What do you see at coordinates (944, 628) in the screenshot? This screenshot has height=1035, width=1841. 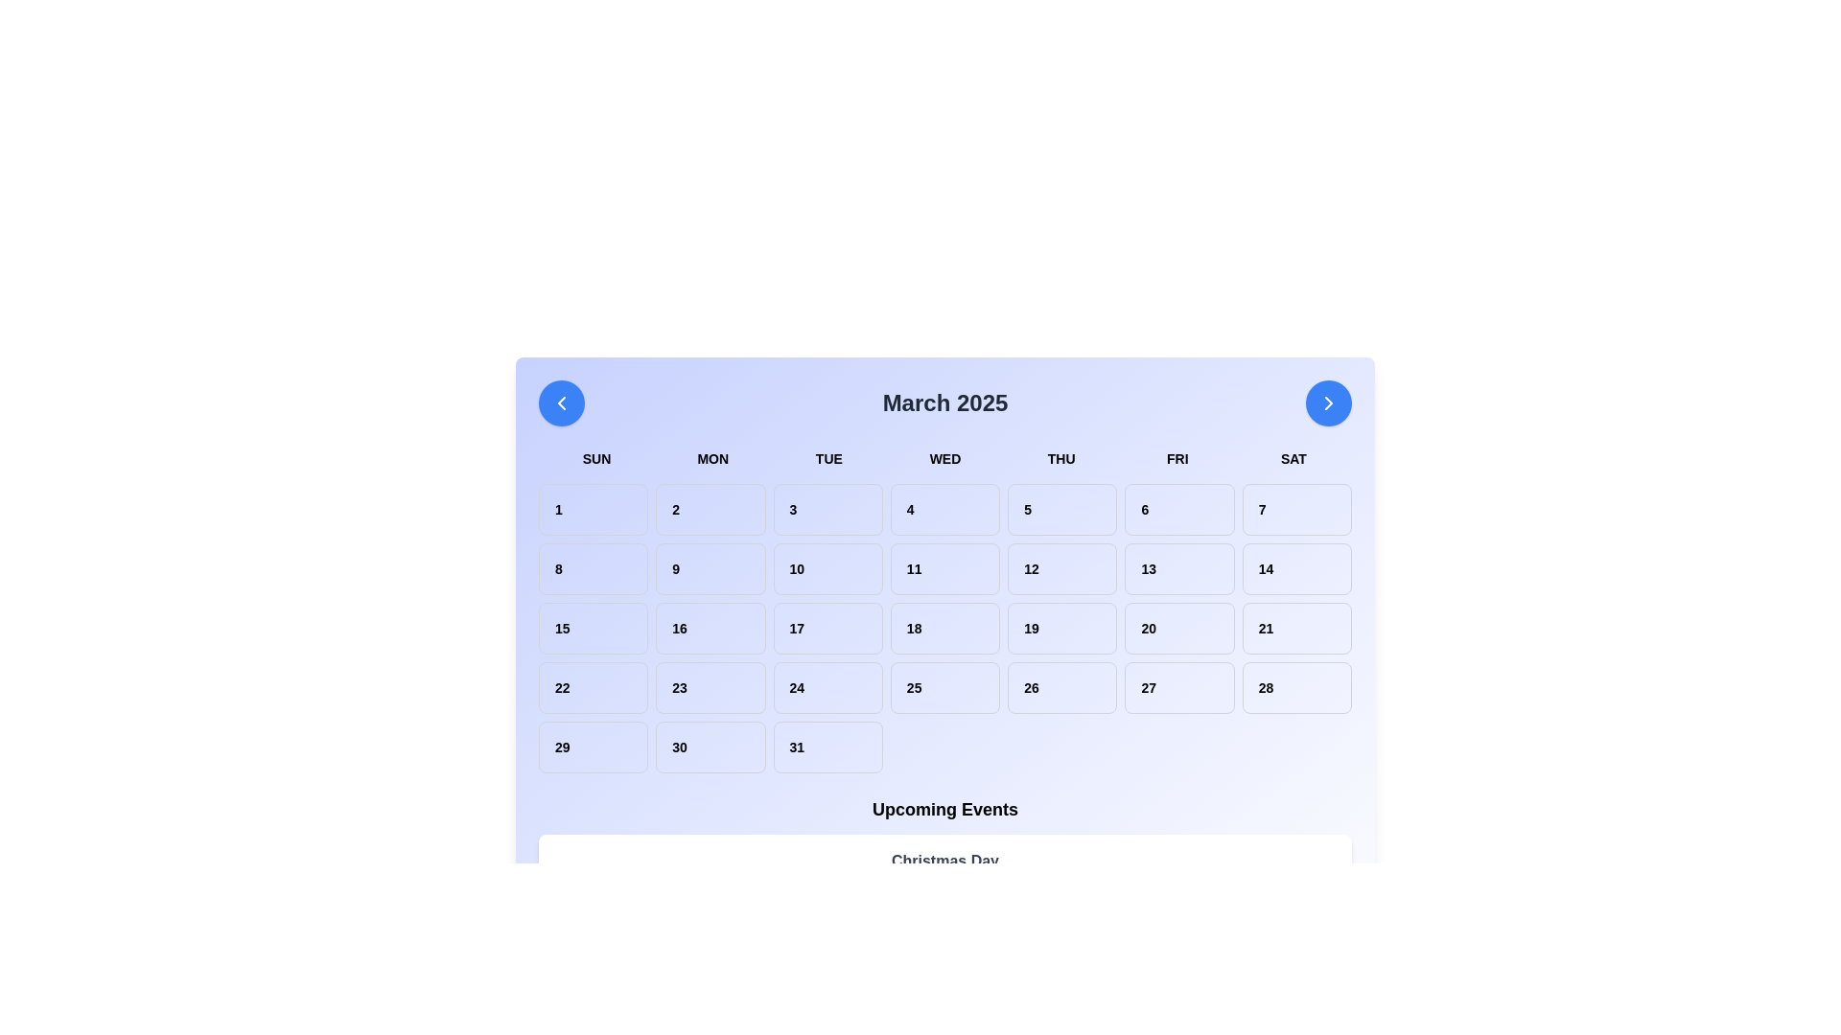 I see `the calendar date cell representing the date '18'` at bounding box center [944, 628].